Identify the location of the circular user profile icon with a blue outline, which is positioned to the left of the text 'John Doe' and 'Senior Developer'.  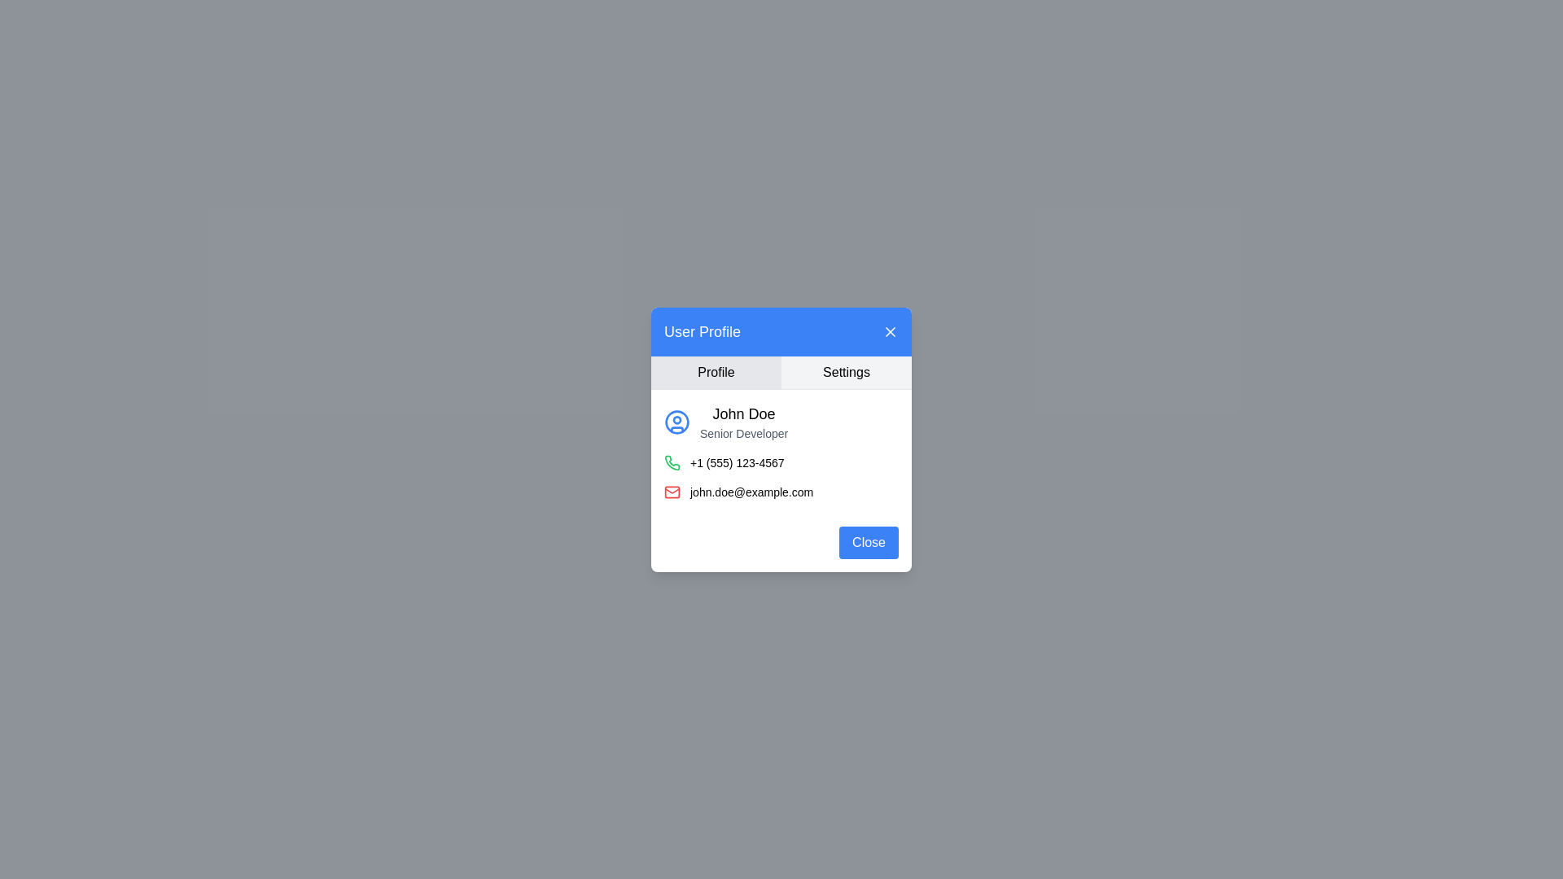
(676, 421).